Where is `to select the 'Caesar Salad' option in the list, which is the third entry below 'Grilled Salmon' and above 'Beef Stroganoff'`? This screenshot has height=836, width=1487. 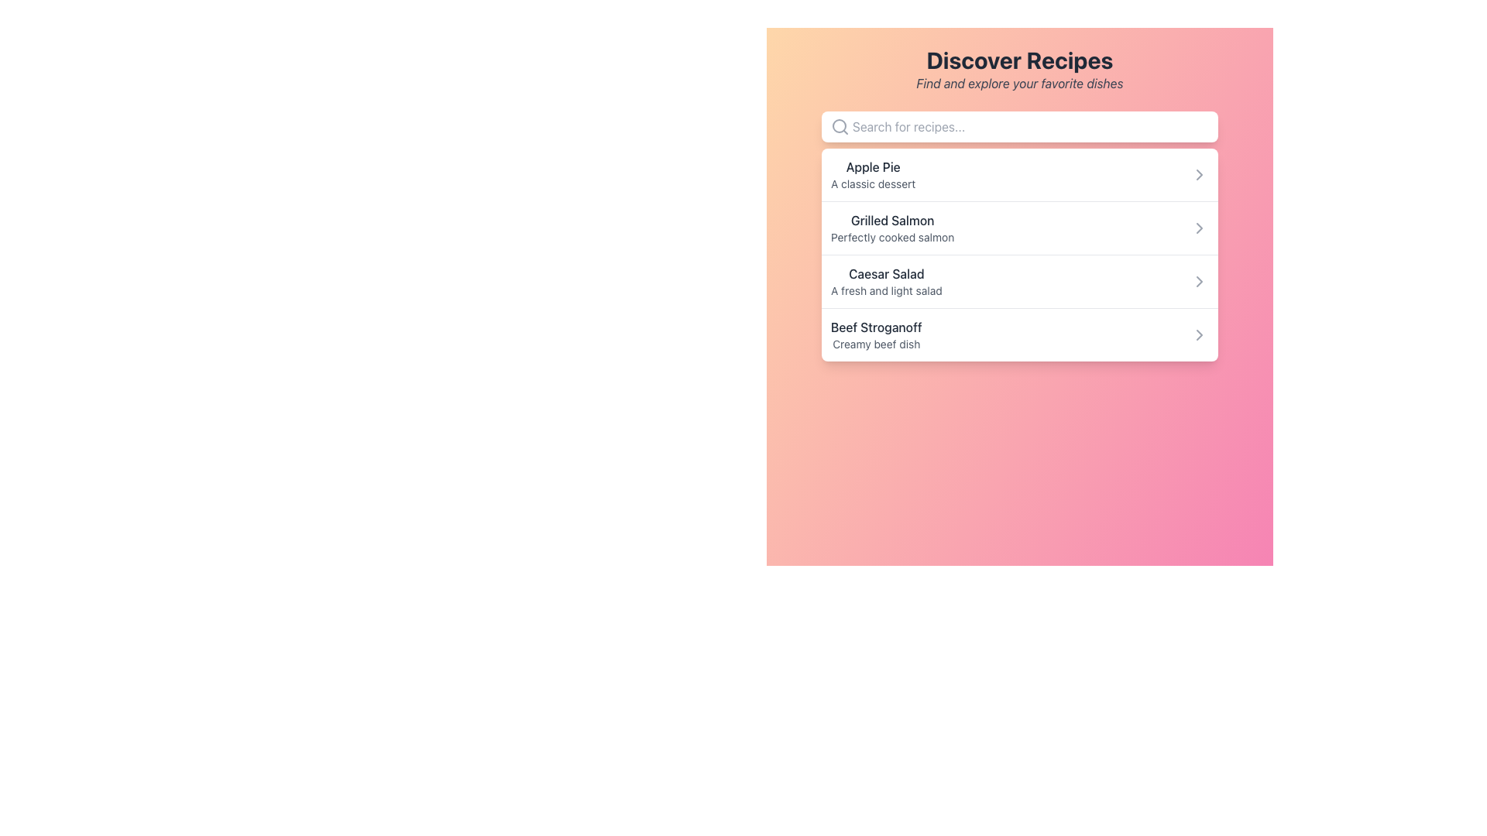
to select the 'Caesar Salad' option in the list, which is the third entry below 'Grilled Salmon' and above 'Beef Stroganoff' is located at coordinates (1019, 281).